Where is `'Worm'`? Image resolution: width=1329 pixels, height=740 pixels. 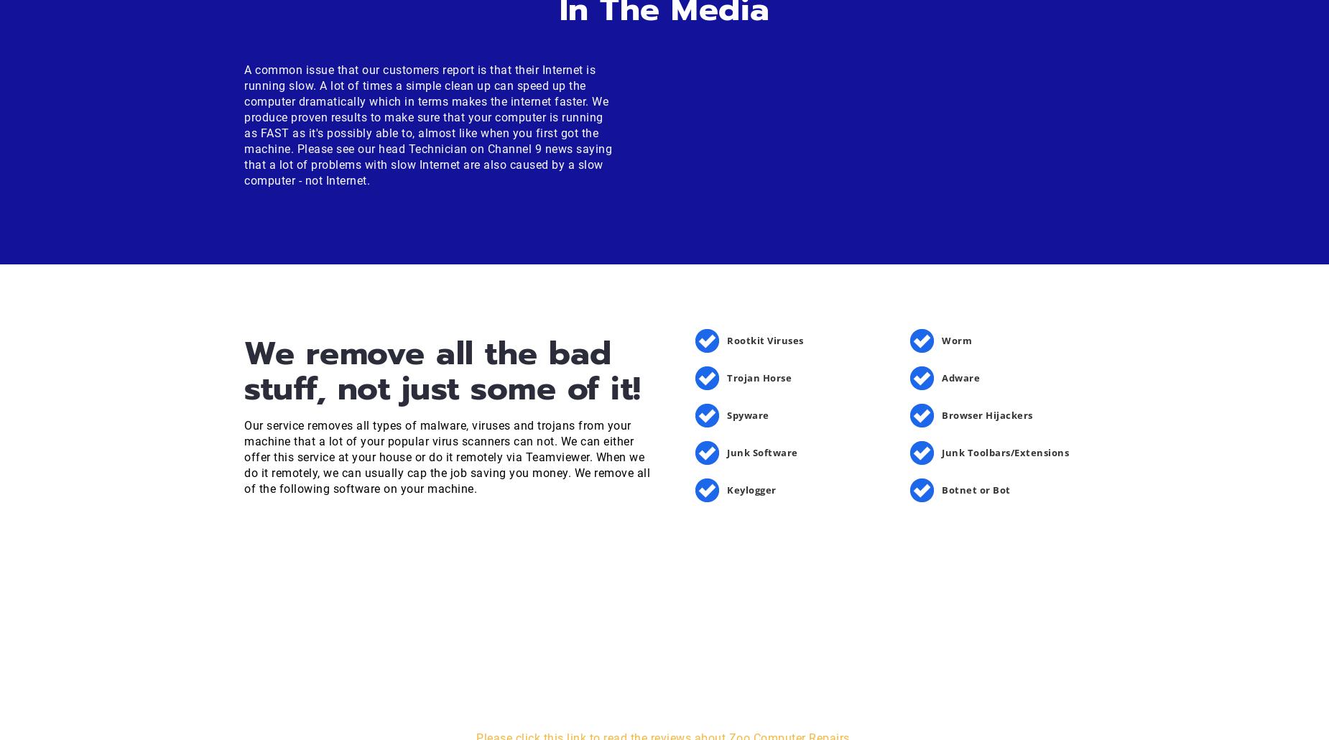
'Worm' is located at coordinates (956, 338).